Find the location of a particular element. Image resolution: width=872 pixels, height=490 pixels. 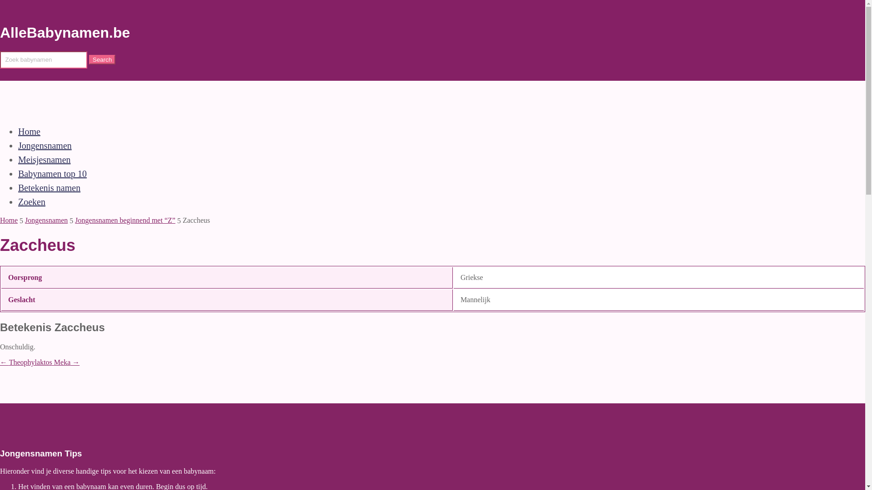

'Search' is located at coordinates (102, 59).